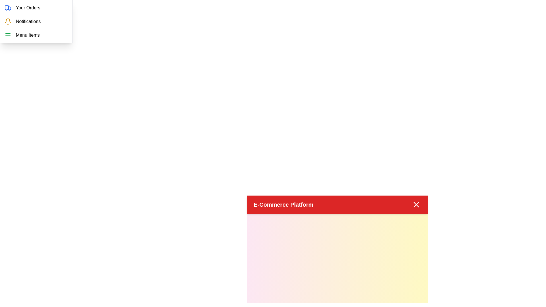 The width and height of the screenshot is (546, 307). I want to click on the Text Label that describes the menu section, located as the third item below 'Your Orders' and 'Notifications', adjacent to the icon of three parallel lines, so click(27, 35).